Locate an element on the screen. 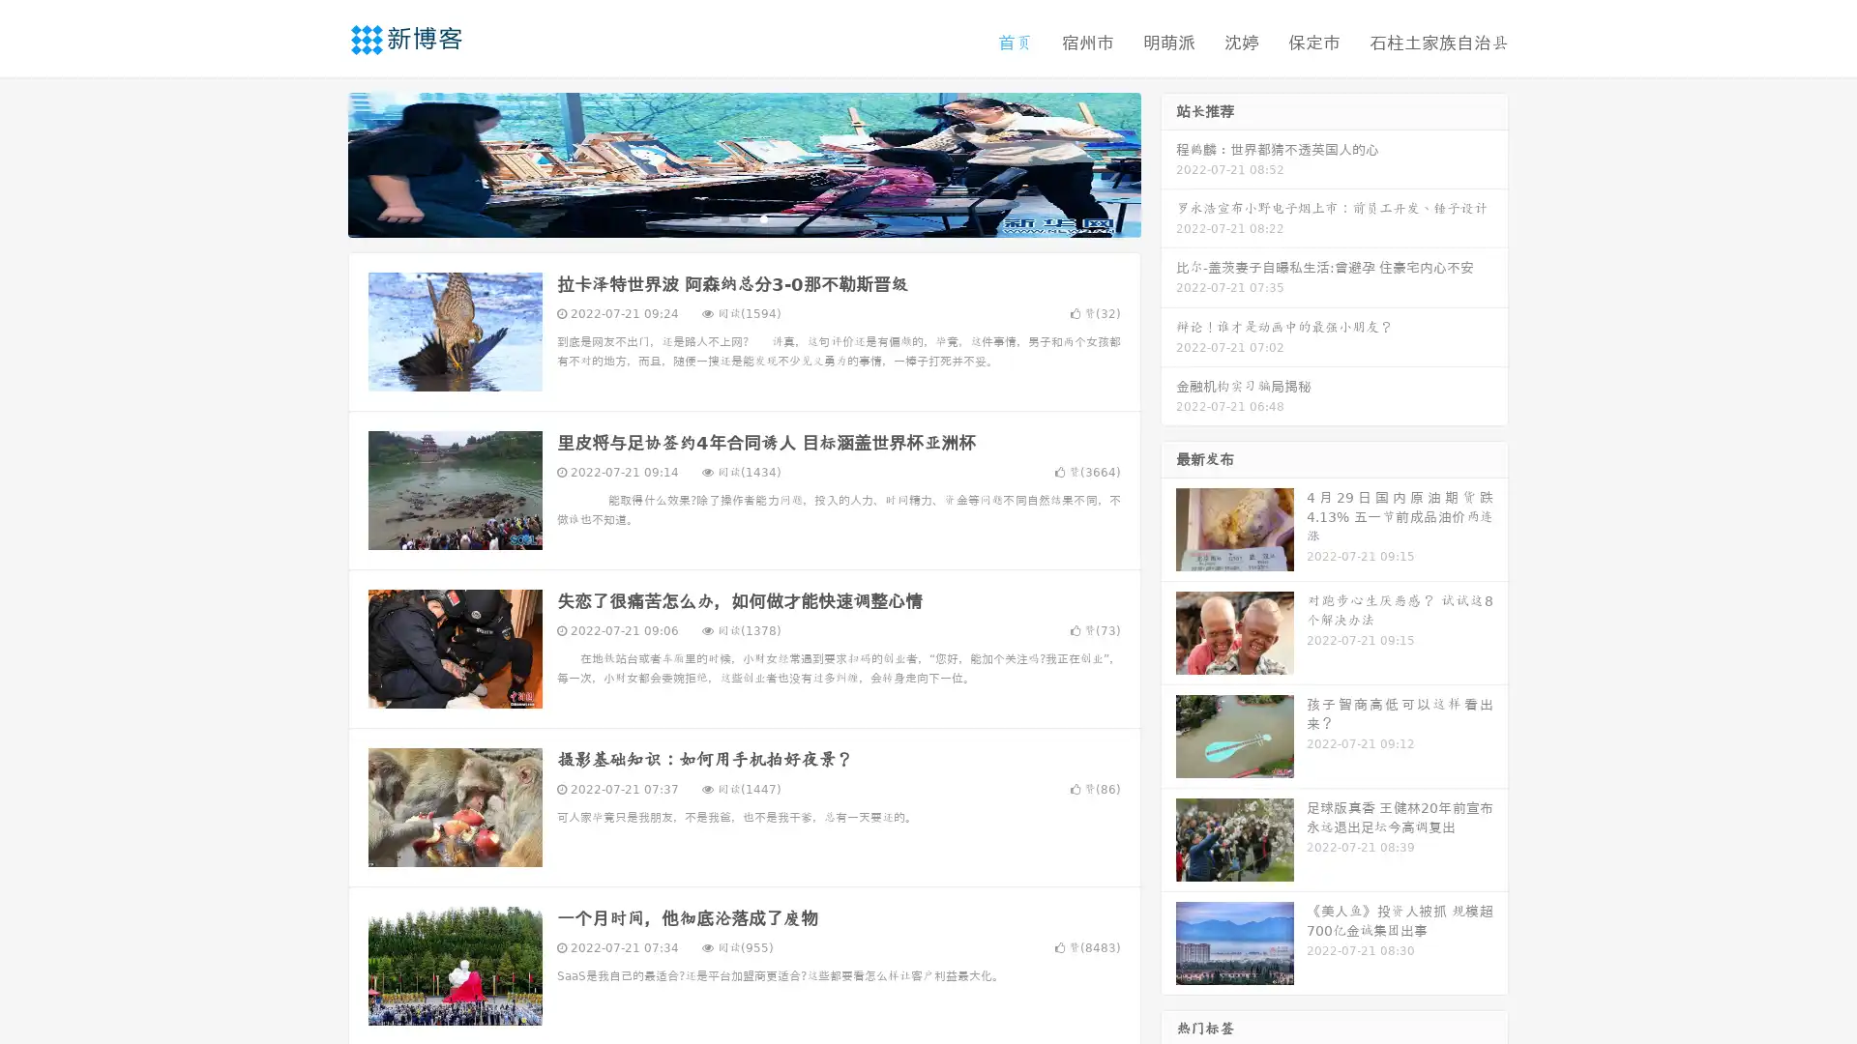  Go to slide 1 is located at coordinates (723, 217).